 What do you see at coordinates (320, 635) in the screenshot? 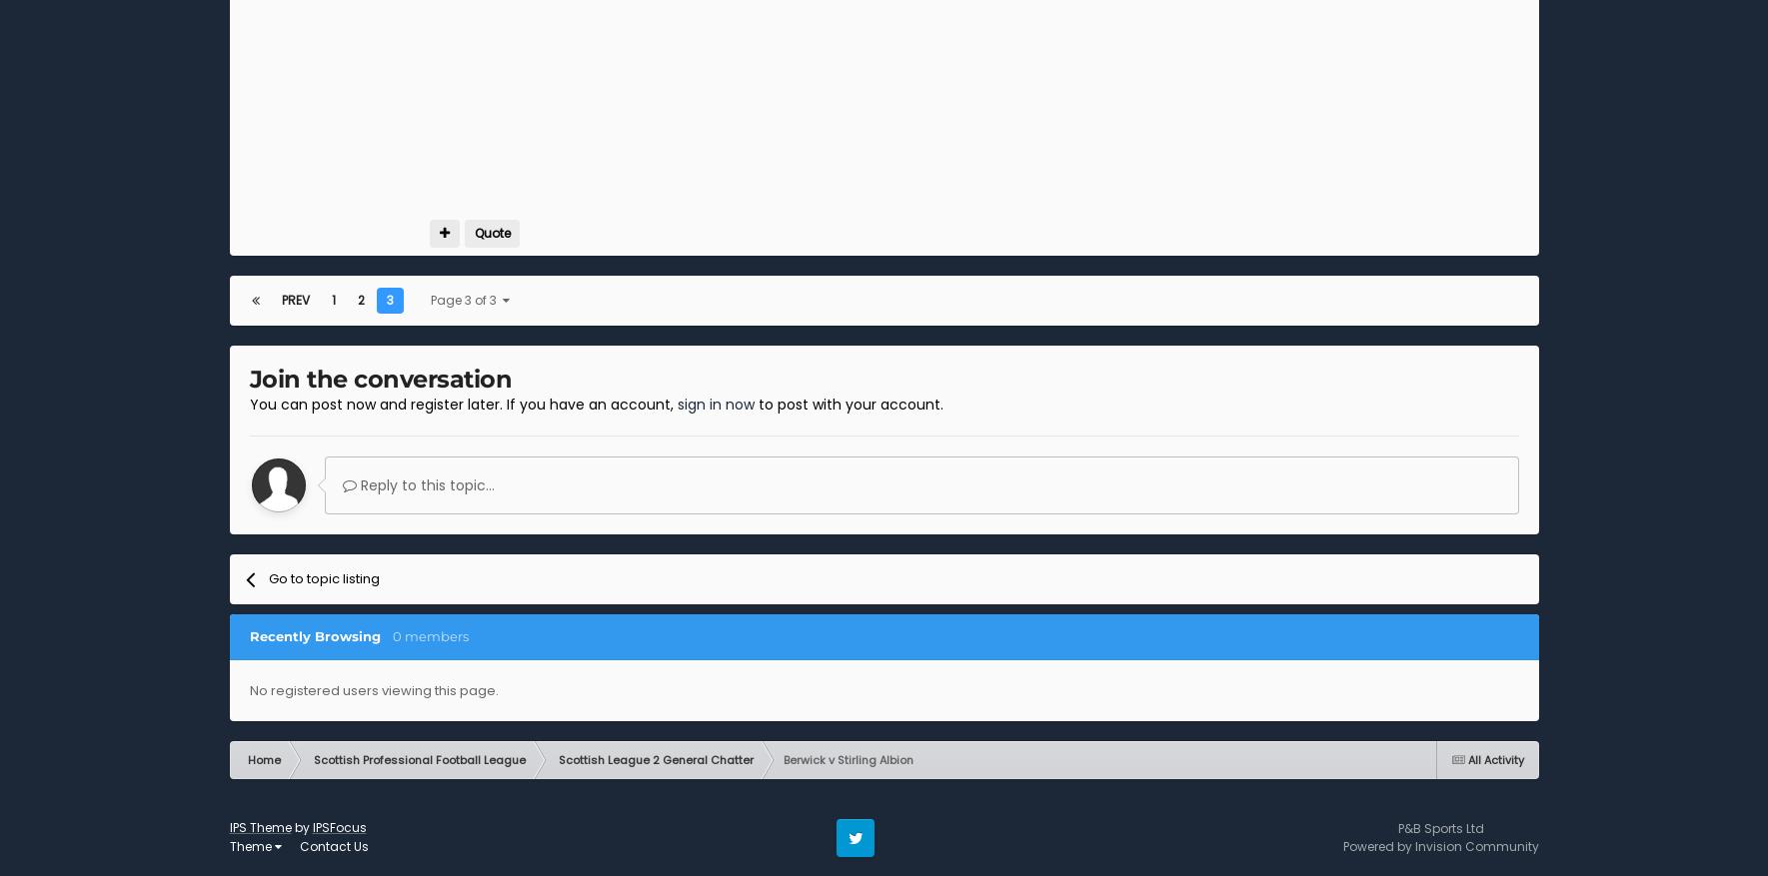
I see `'Recently Browsing'` at bounding box center [320, 635].